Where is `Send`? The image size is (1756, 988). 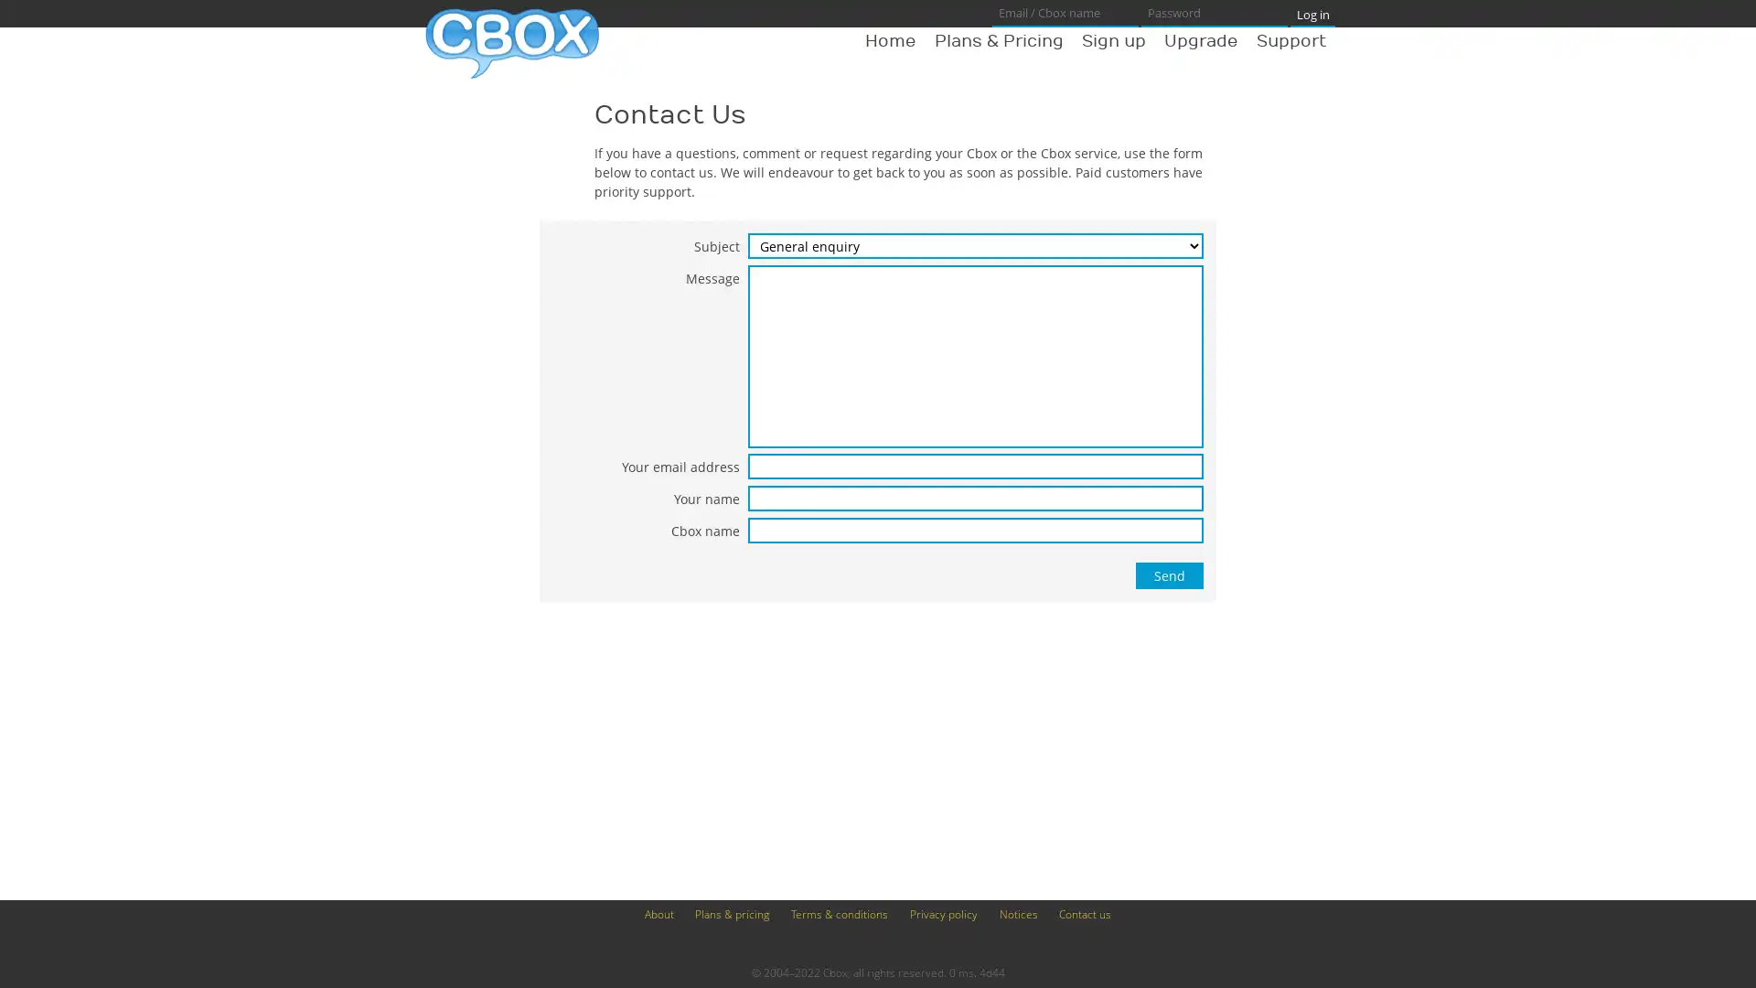
Send is located at coordinates (1168, 574).